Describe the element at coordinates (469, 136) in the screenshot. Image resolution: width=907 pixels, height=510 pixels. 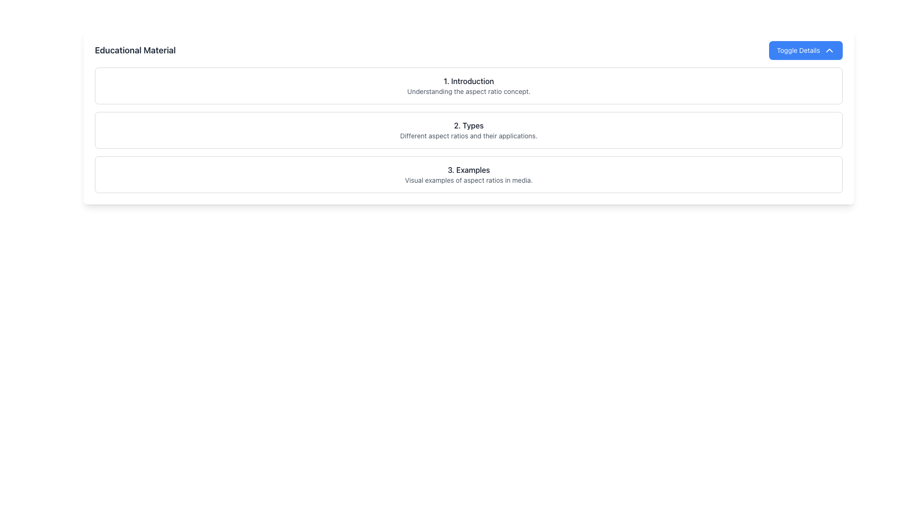
I see `the text element located below the heading '2. Types' to check for tooltips` at that location.